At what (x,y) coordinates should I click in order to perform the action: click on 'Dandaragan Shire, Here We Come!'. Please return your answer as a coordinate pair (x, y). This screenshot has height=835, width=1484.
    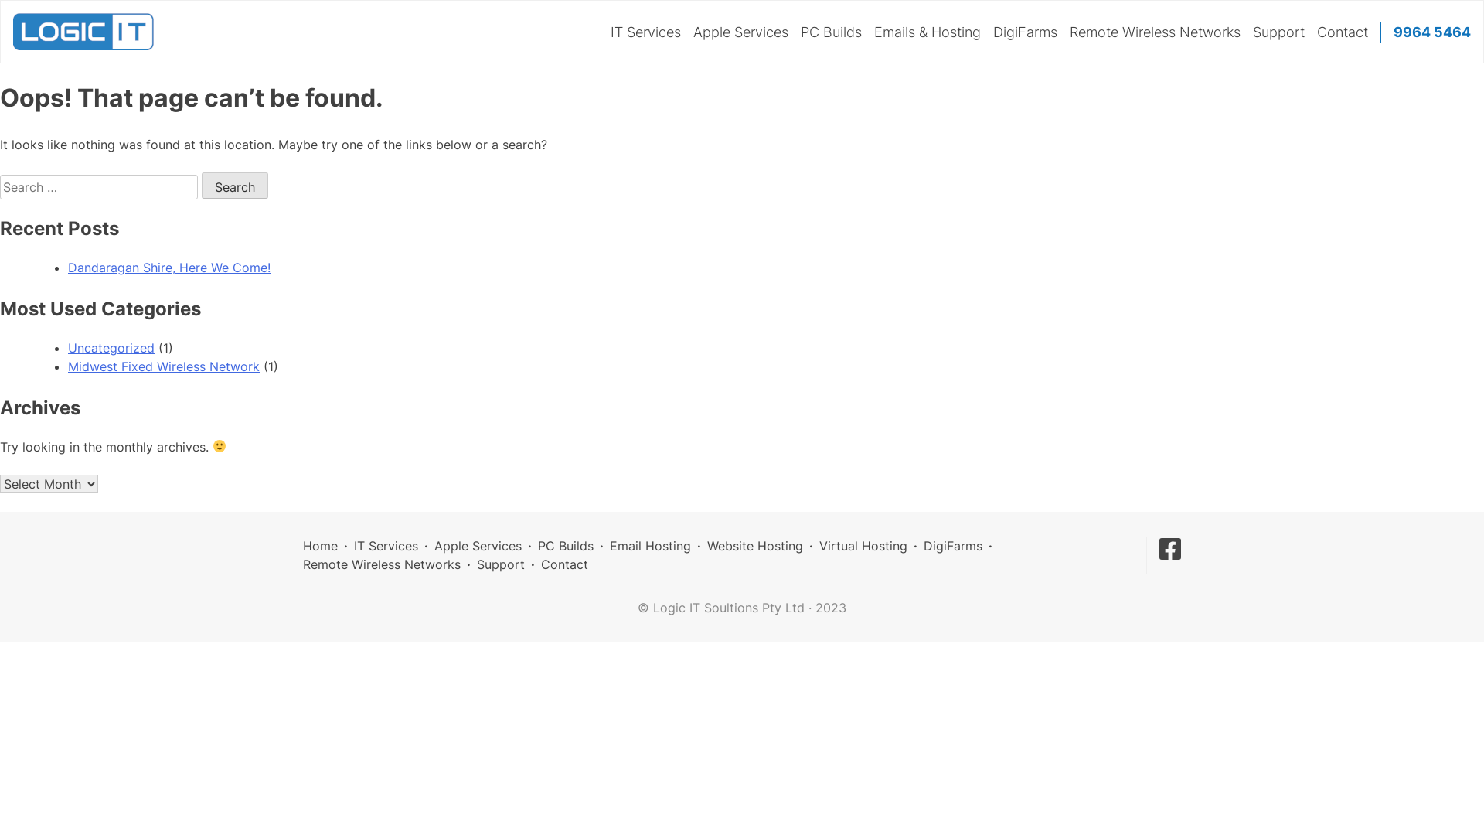
    Looking at the image, I should click on (66, 267).